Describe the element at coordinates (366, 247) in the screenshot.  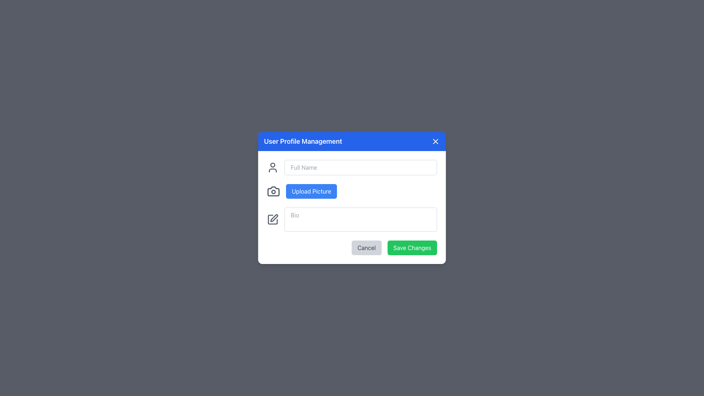
I see `the cancellation button located at the bottom-right of the modal dialog, which is the first button to the left of the 'Save Changes' button, to trigger a visual state change` at that location.